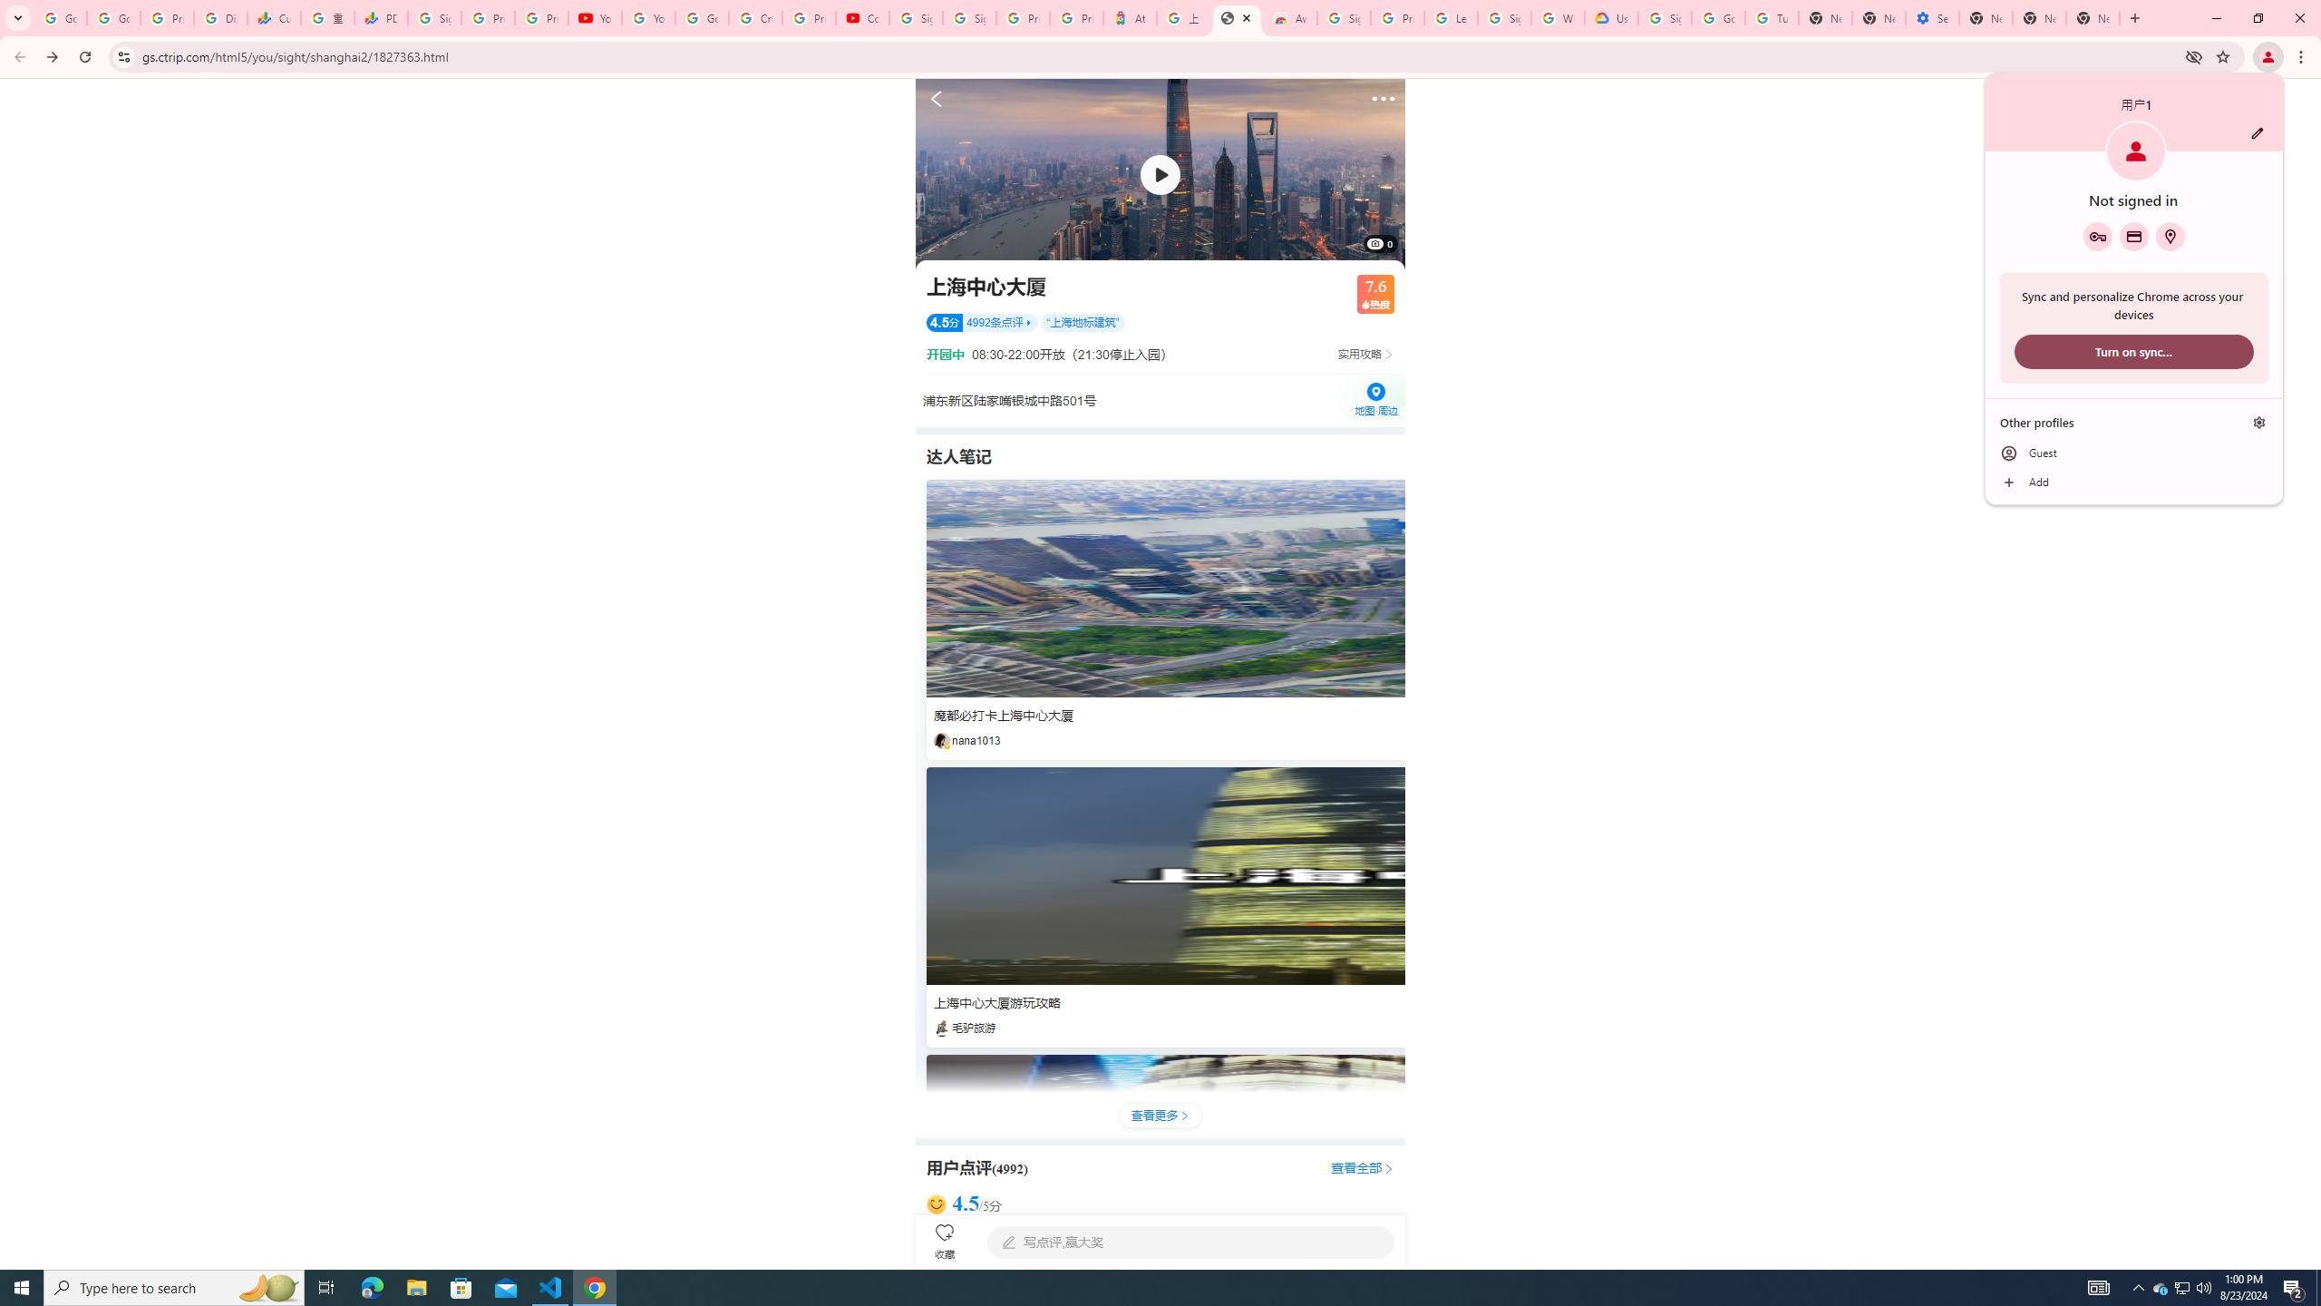 The image size is (2321, 1306). What do you see at coordinates (647, 17) in the screenshot?
I see `'YouTube'` at bounding box center [647, 17].